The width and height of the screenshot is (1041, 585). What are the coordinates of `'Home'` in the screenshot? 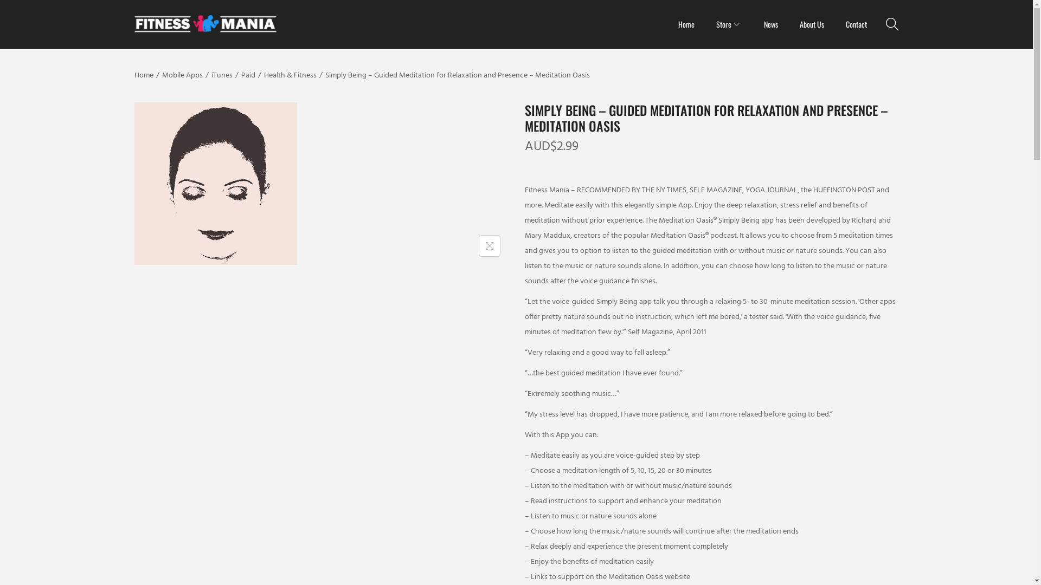 It's located at (685, 24).